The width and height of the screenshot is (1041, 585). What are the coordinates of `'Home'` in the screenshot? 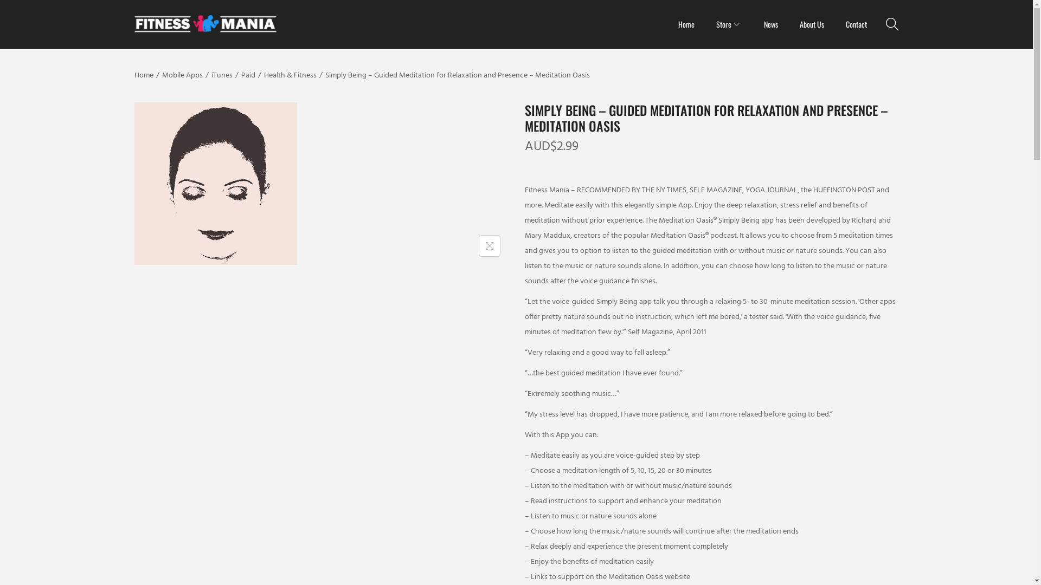 It's located at (685, 24).